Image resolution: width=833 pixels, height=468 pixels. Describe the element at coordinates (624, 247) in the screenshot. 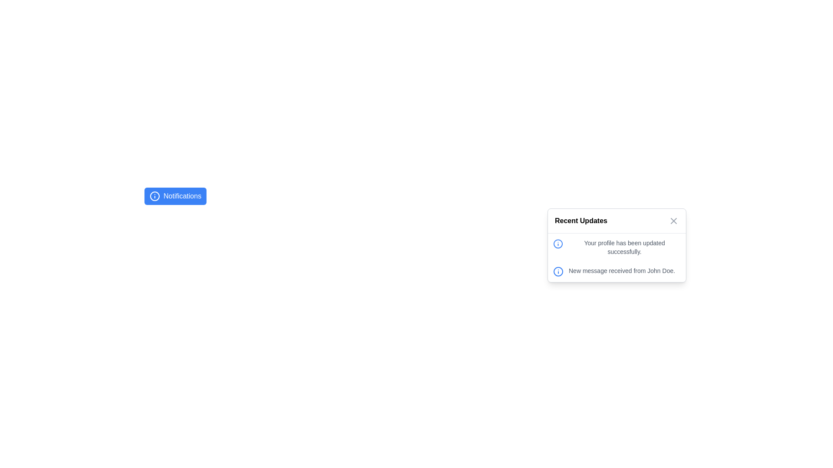

I see `notification message that states 'Your profile has been updated successfully.' This message is displayed in a small-sized gray font and is located under the 'Recent Updates' section, next to a blue information icon` at that location.